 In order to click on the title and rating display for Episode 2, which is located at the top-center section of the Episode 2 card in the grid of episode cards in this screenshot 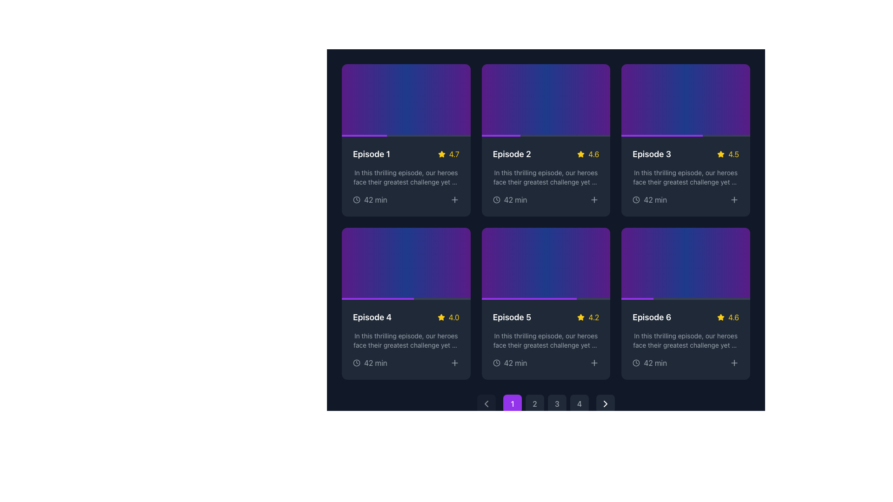, I will do `click(546, 153)`.